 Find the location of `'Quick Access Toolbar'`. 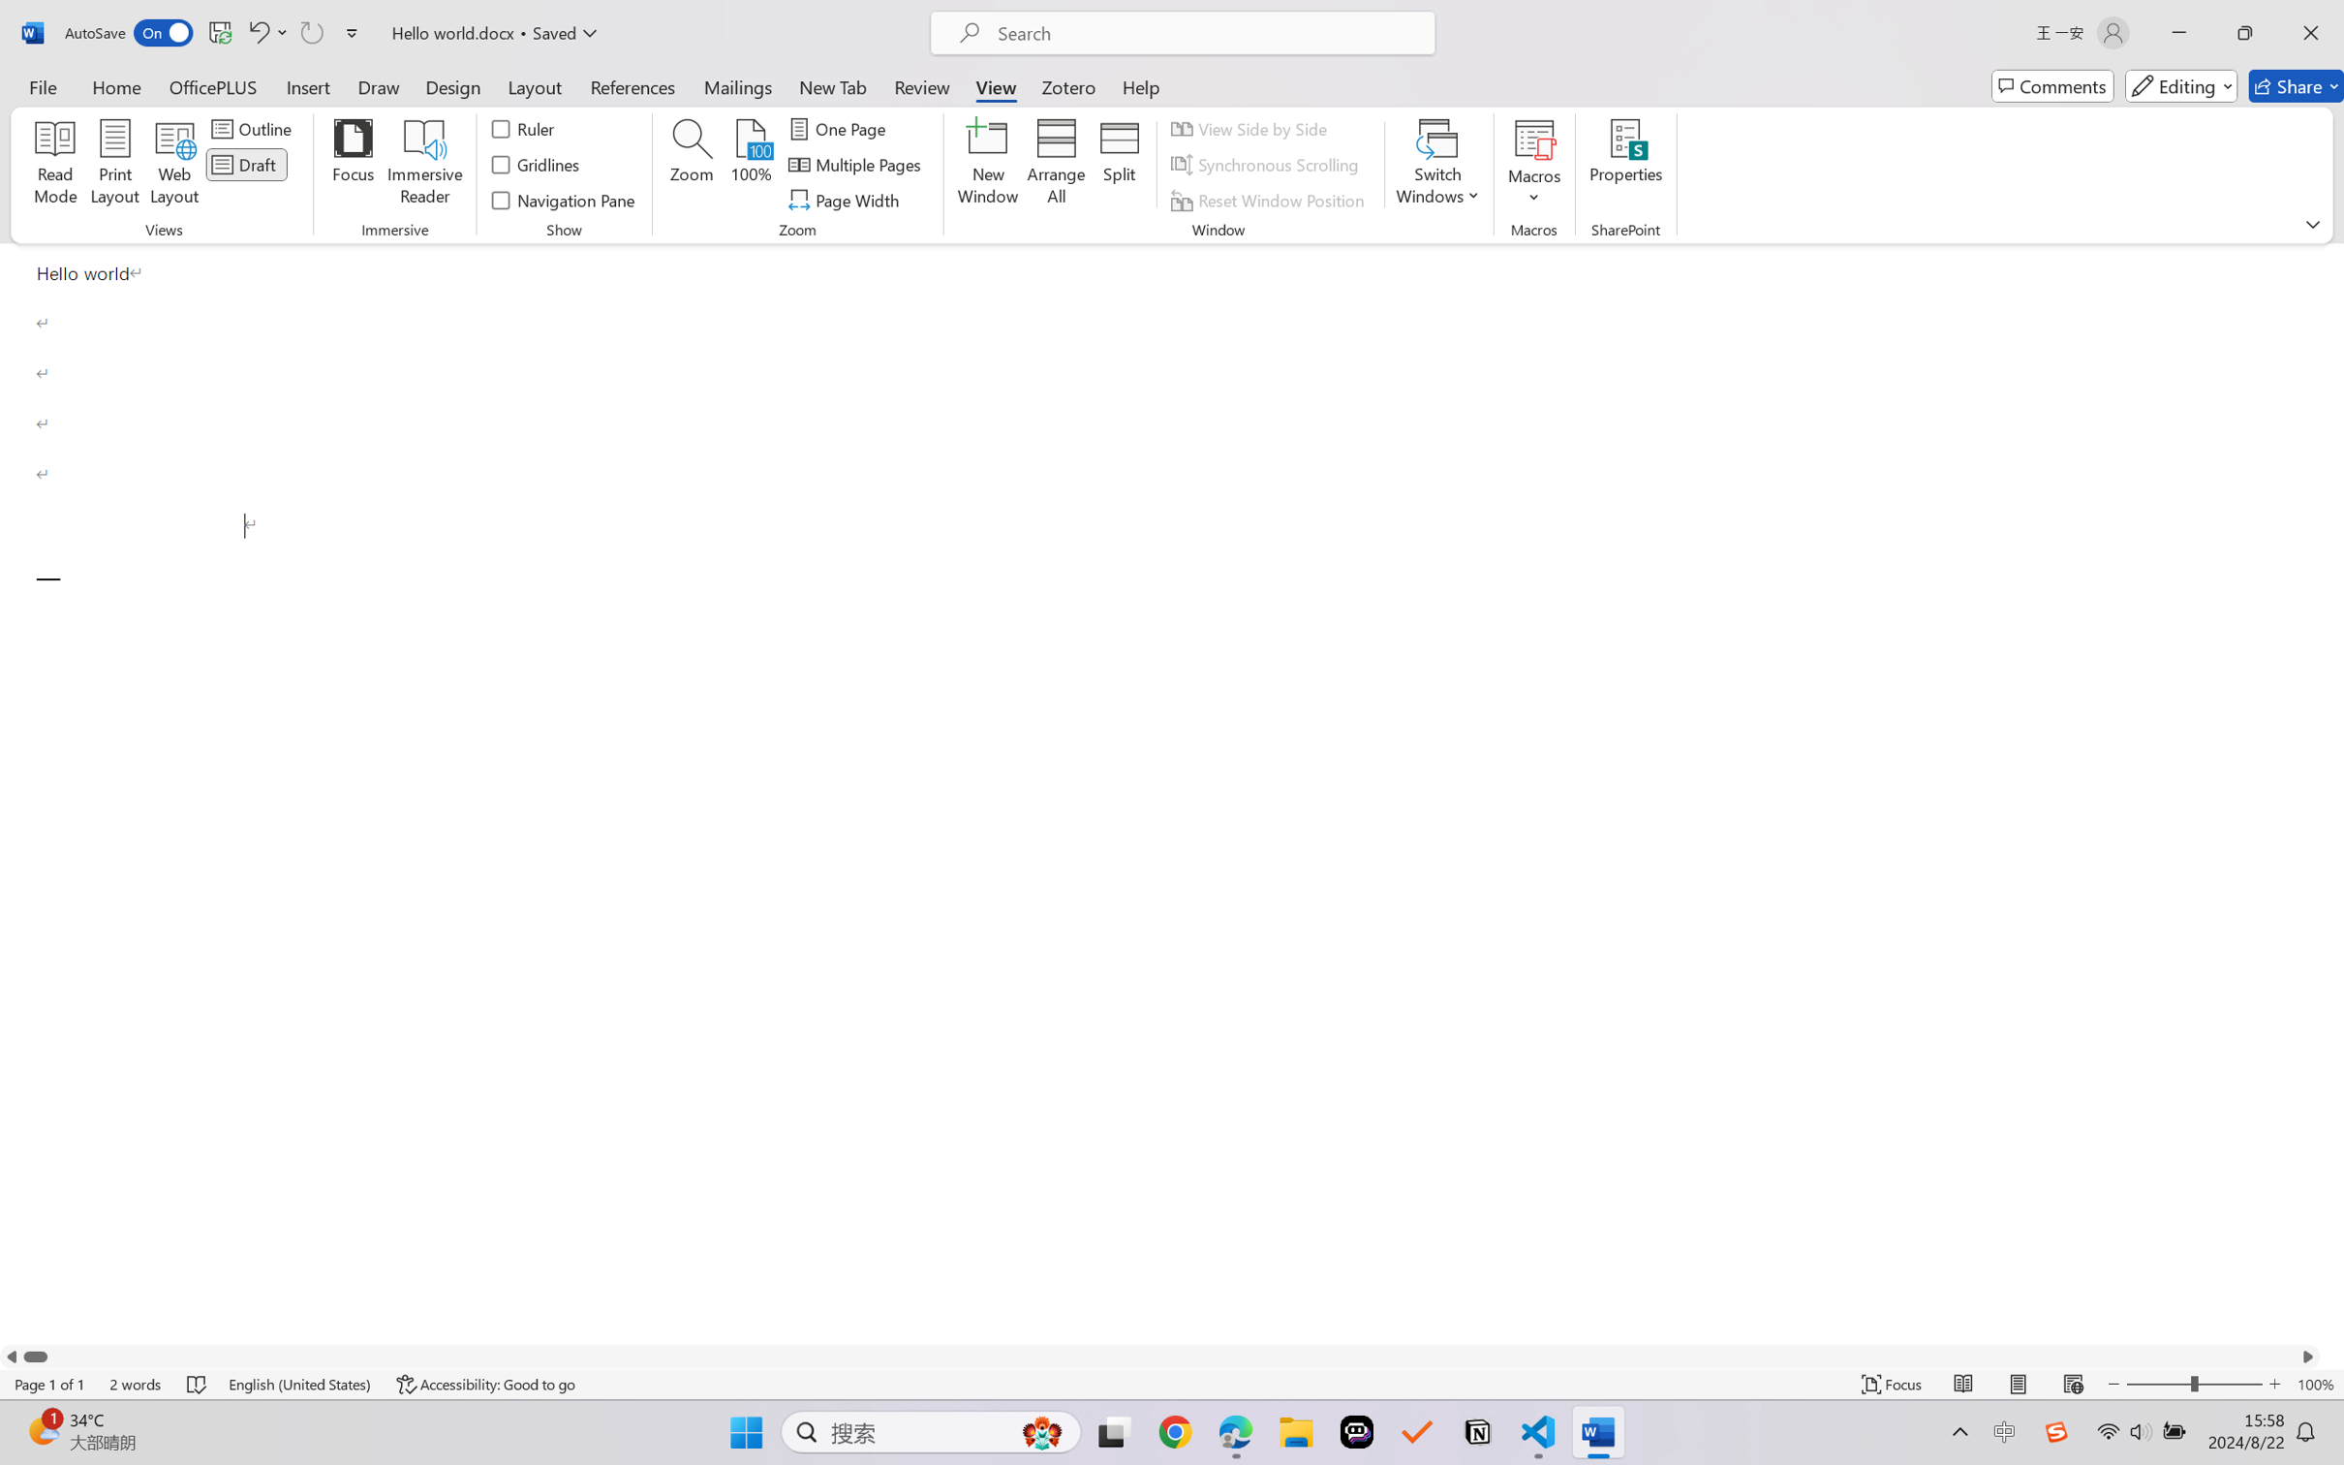

'Quick Access Toolbar' is located at coordinates (215, 32).